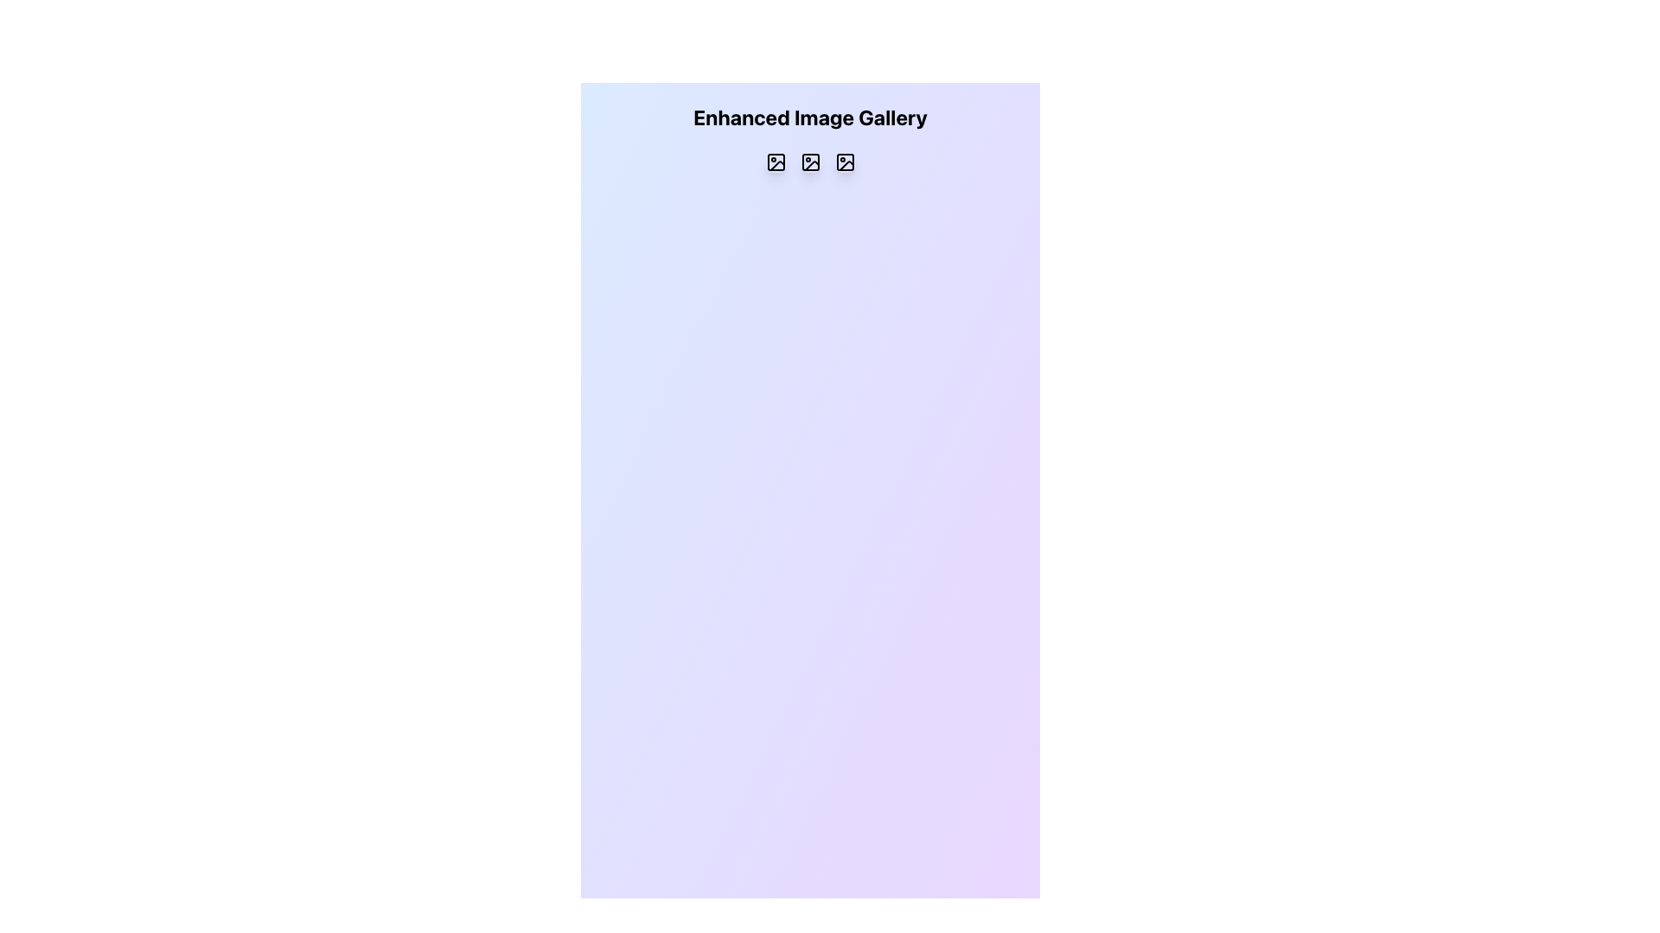 This screenshot has height=933, width=1660. I want to click on the small rectangular icon resembling an image frame, which is the third icon in the top row of the grid, to trigger the visual hover effect, so click(845, 162).